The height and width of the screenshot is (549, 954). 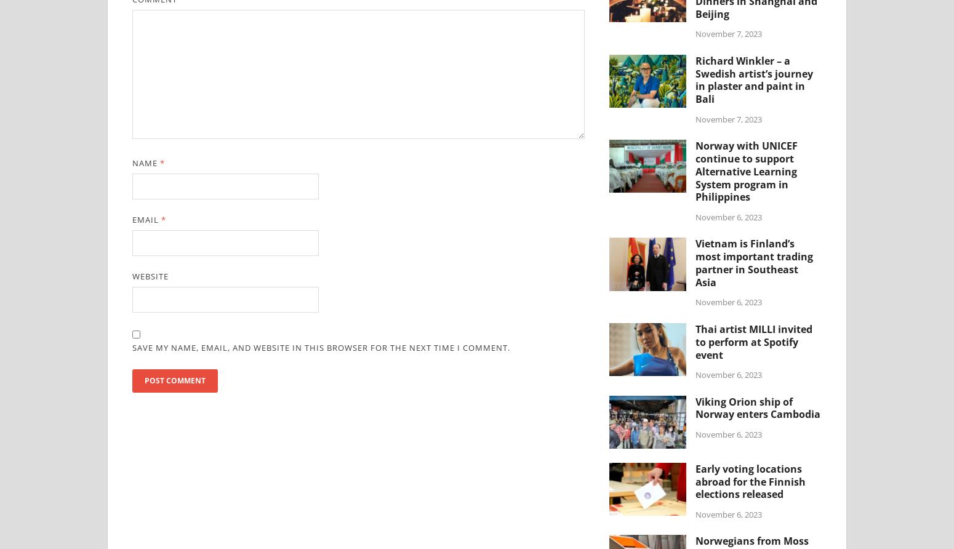 I want to click on 'Name', so click(x=146, y=163).